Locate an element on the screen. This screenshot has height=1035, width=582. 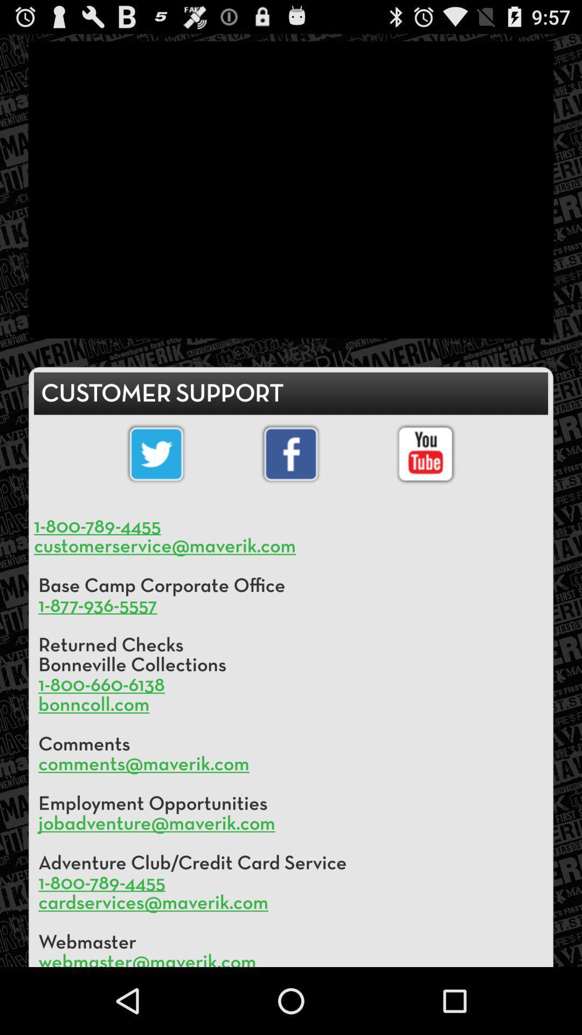
facebook account is located at coordinates (291, 454).